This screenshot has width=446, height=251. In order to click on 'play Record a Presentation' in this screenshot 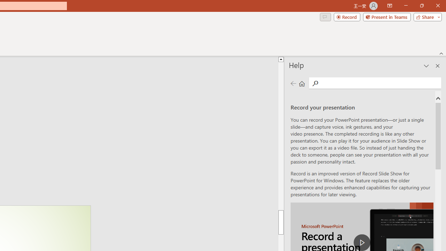, I will do `click(362, 242)`.